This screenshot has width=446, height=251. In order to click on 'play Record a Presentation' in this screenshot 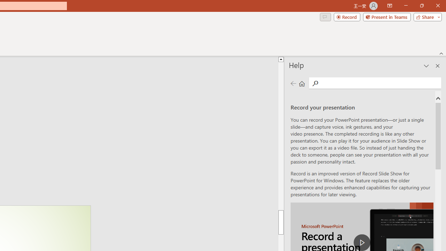, I will do `click(362, 242)`.